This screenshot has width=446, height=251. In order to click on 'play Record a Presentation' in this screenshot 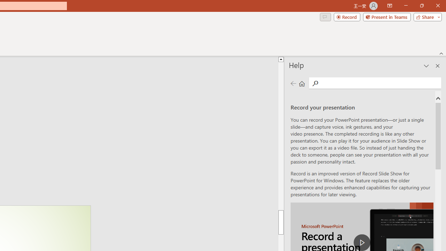, I will do `click(362, 242)`.